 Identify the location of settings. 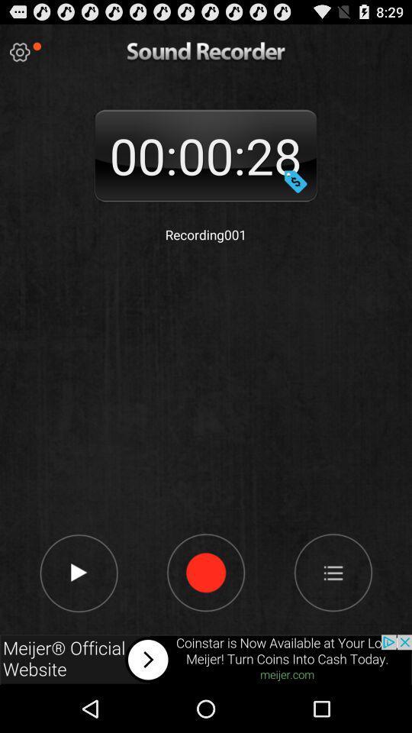
(19, 52).